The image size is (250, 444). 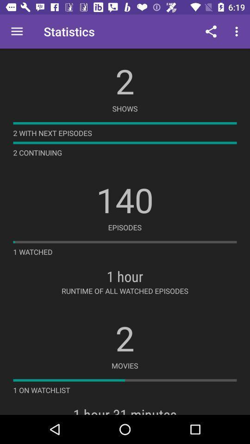 What do you see at coordinates (32, 252) in the screenshot?
I see `1 watched icon` at bounding box center [32, 252].